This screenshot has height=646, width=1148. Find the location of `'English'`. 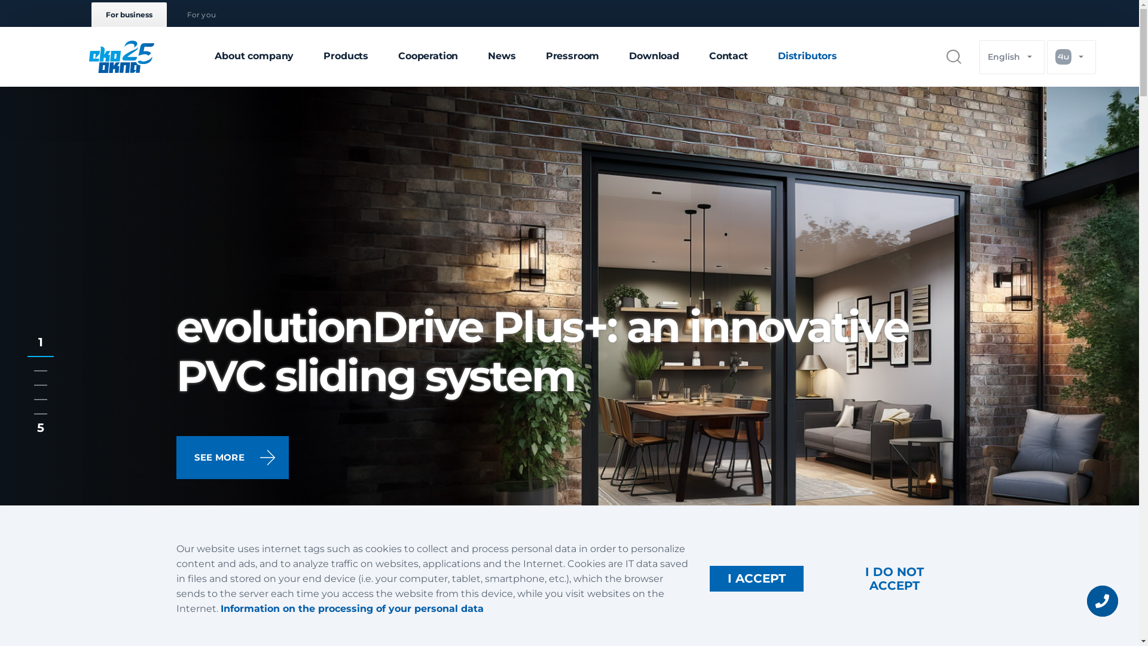

'English' is located at coordinates (1011, 56).